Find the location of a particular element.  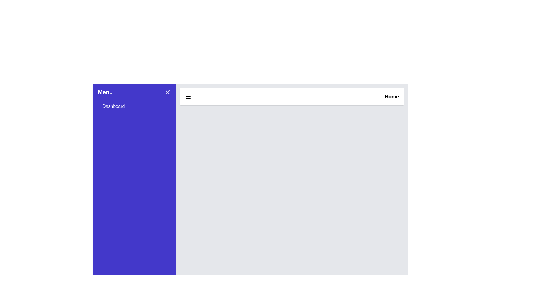

the toggle button to open or close the drawer is located at coordinates (167, 92).